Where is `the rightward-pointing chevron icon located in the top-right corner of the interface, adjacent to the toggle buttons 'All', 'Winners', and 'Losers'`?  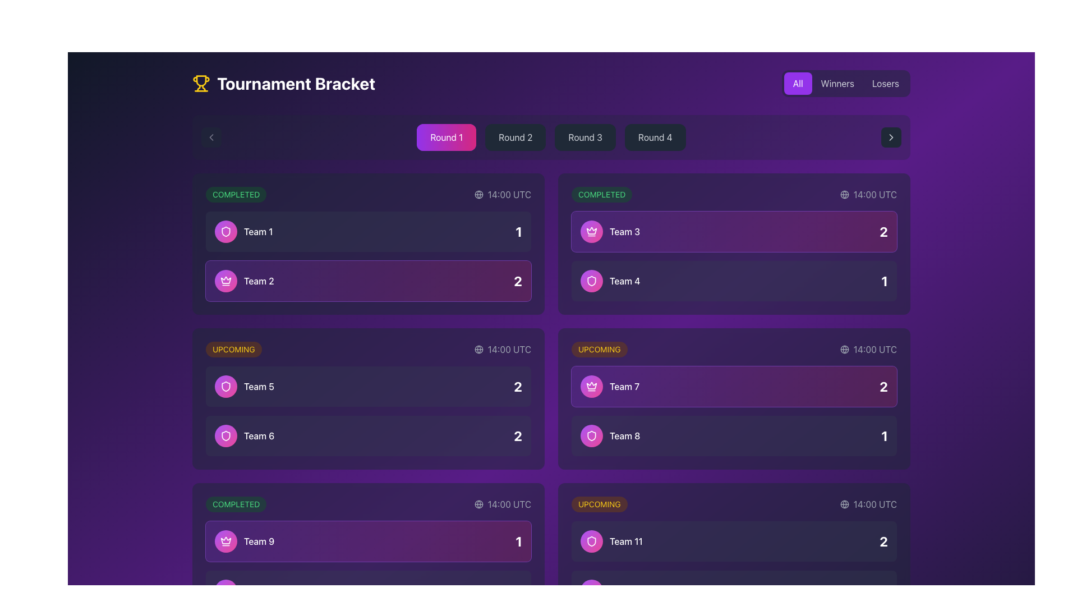
the rightward-pointing chevron icon located in the top-right corner of the interface, adjacent to the toggle buttons 'All', 'Winners', and 'Losers' is located at coordinates (890, 137).